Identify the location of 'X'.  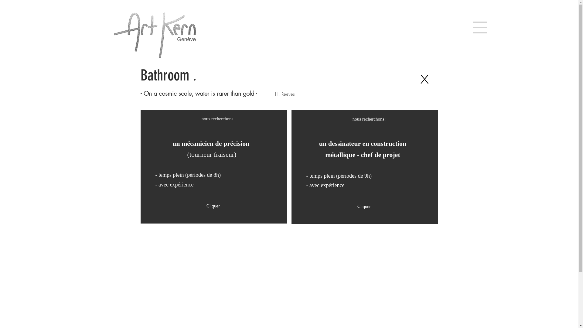
(424, 79).